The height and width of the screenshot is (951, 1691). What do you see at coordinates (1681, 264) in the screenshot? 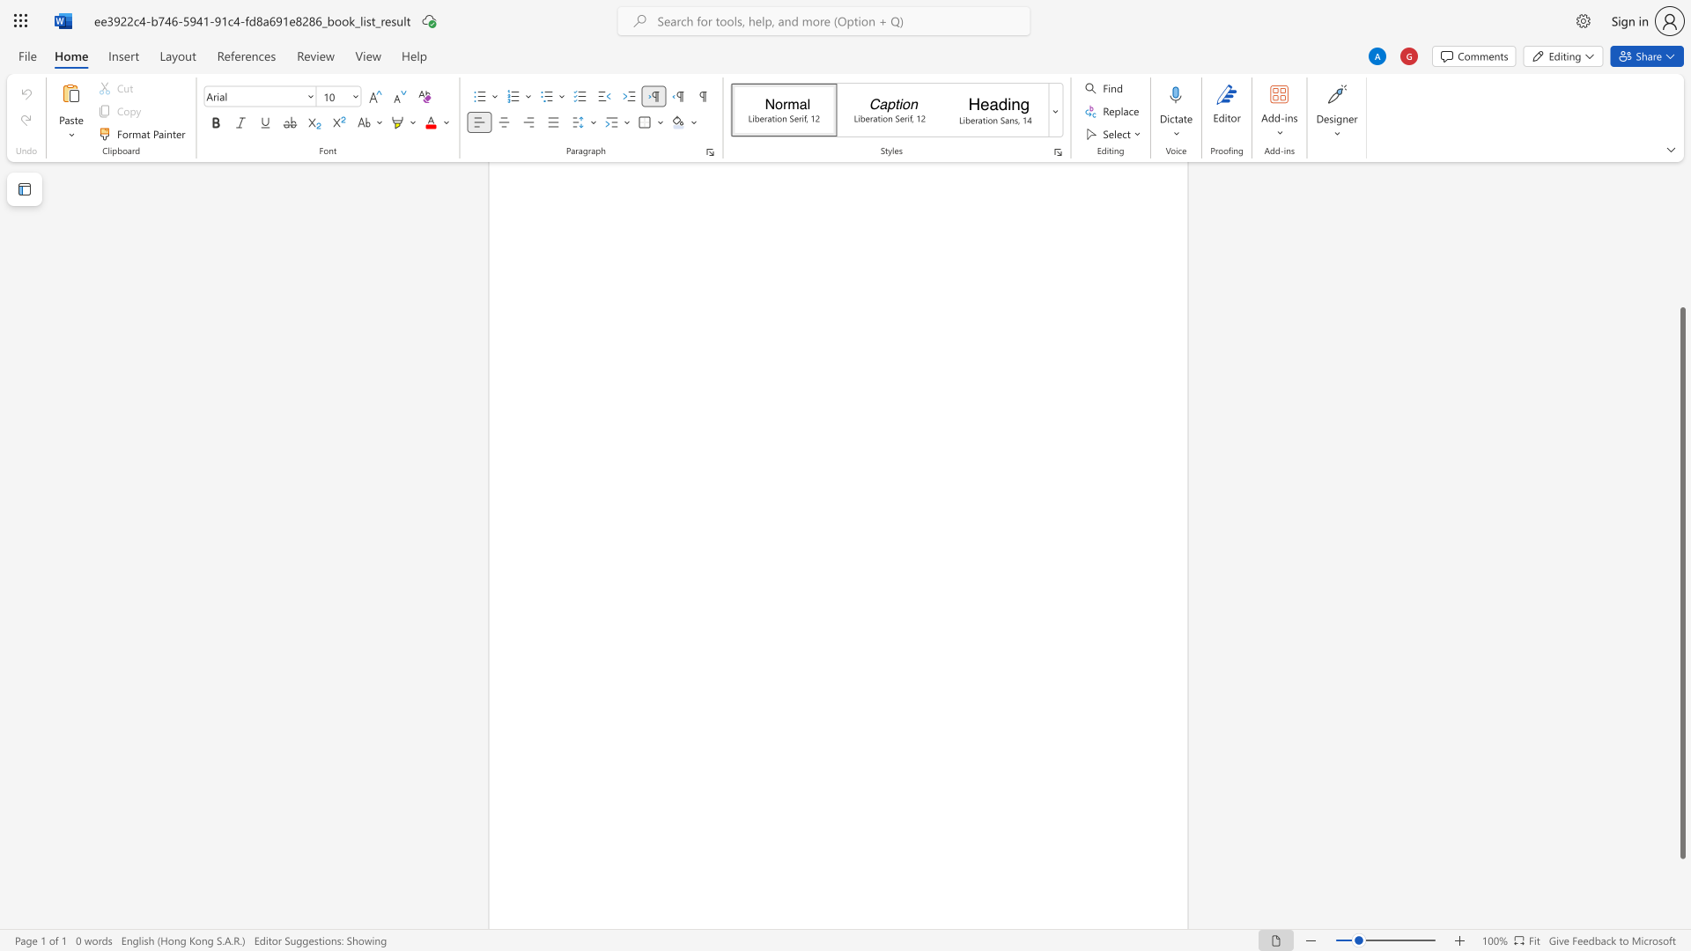
I see `the scrollbar to scroll the page up` at bounding box center [1681, 264].